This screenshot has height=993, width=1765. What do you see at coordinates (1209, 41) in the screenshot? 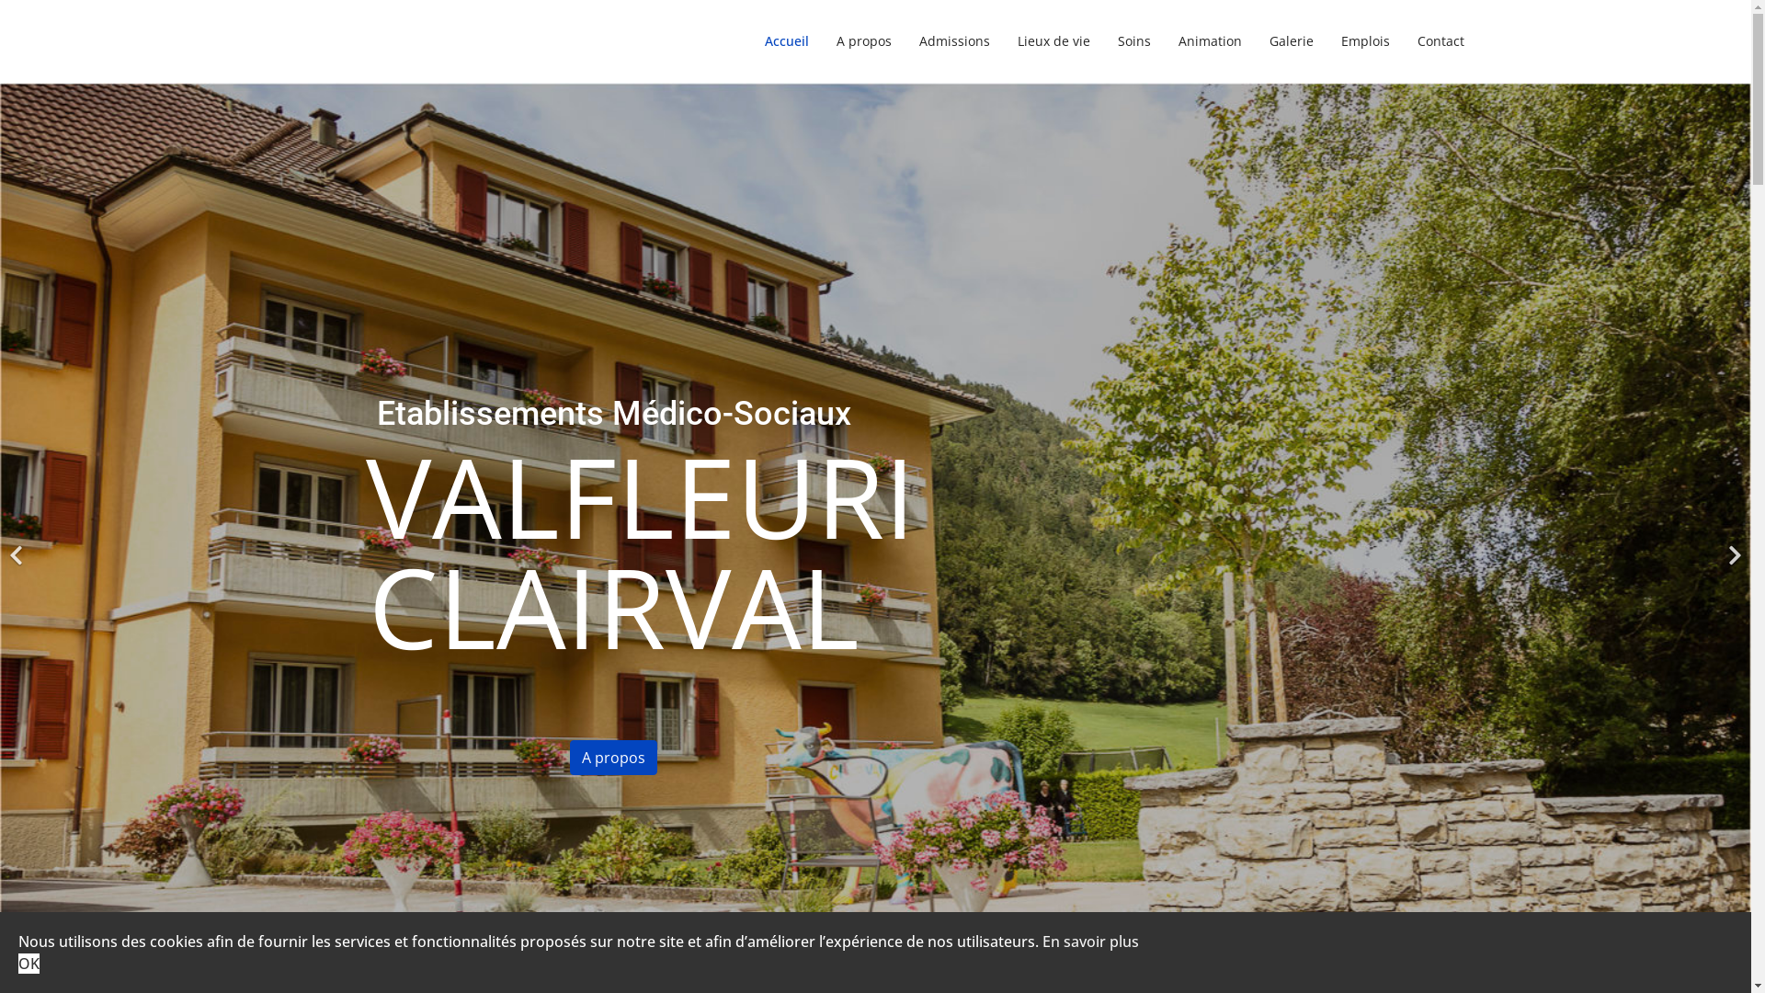
I see `'Animation'` at bounding box center [1209, 41].